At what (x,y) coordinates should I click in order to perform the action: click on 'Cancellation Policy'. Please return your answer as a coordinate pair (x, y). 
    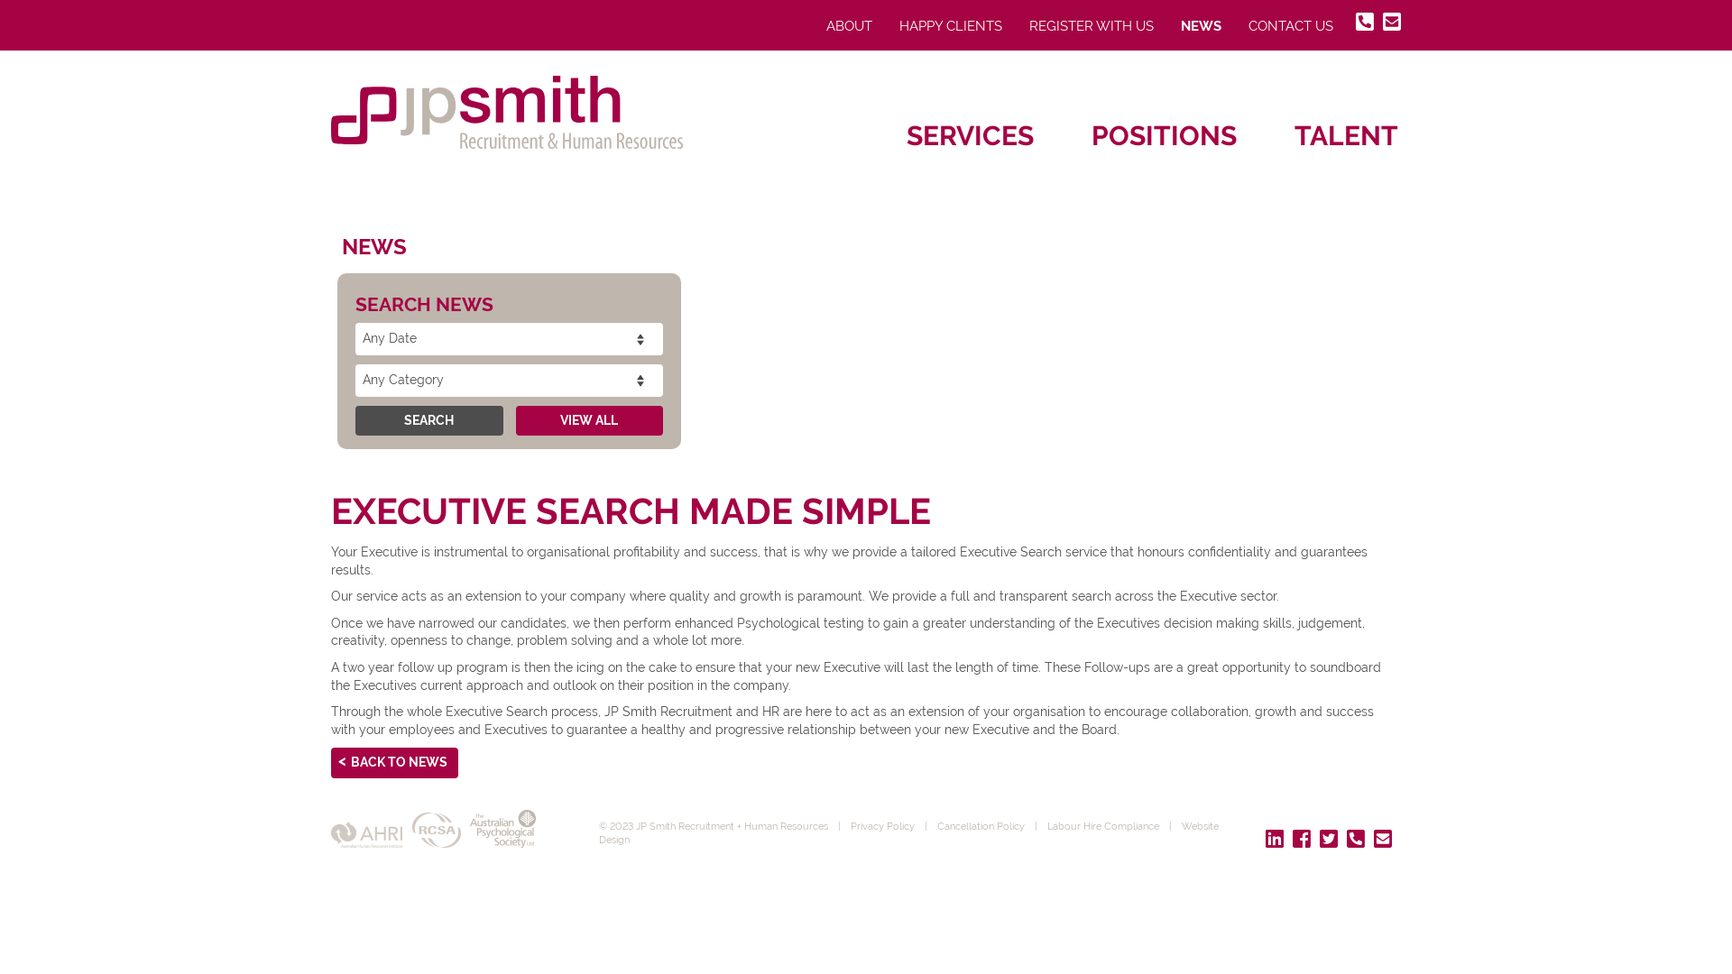
    Looking at the image, I should click on (935, 825).